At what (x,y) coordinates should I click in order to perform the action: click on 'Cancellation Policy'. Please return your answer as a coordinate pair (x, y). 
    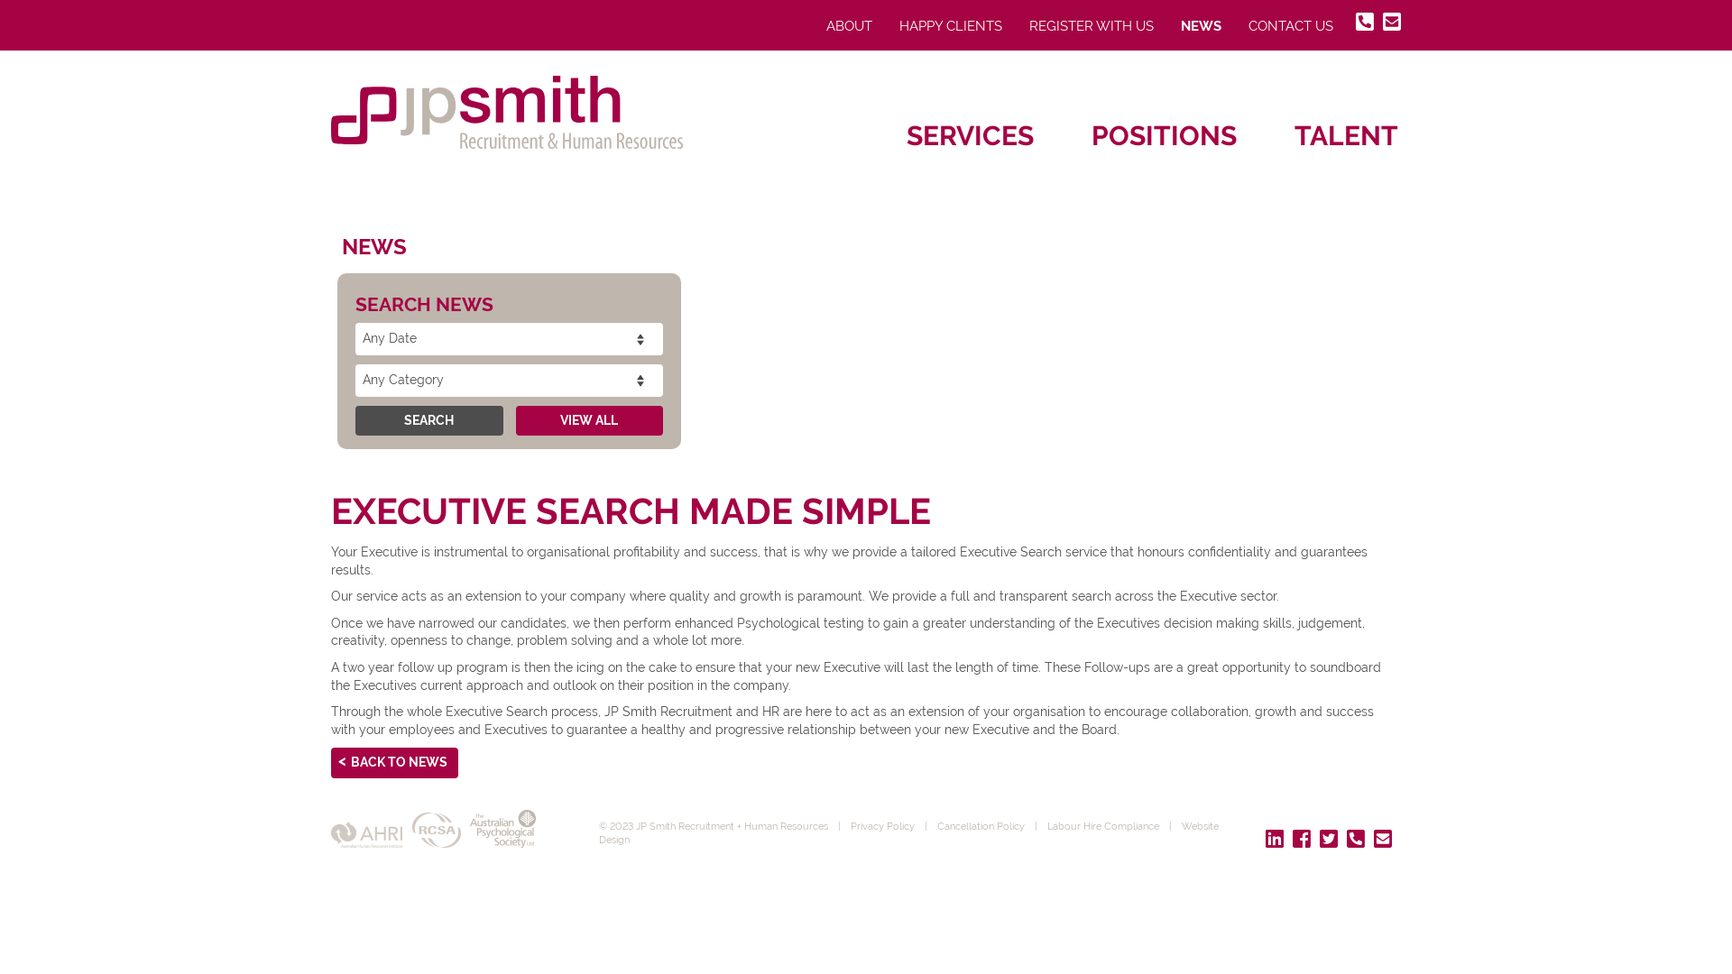
    Looking at the image, I should click on (935, 825).